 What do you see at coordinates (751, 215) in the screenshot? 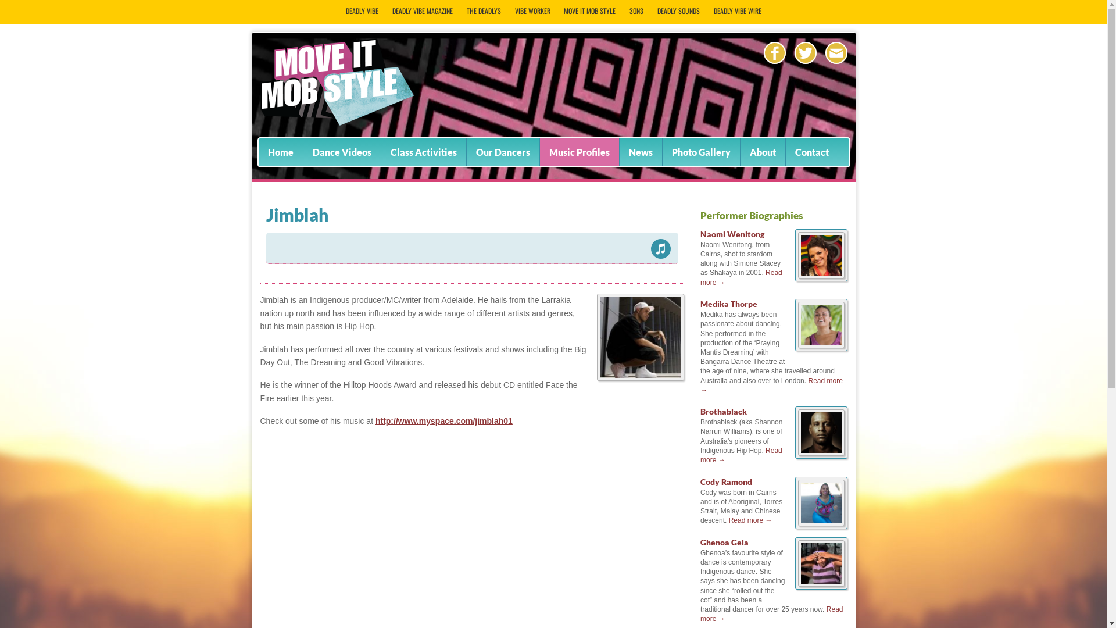
I see `'Performer Biographies'` at bounding box center [751, 215].